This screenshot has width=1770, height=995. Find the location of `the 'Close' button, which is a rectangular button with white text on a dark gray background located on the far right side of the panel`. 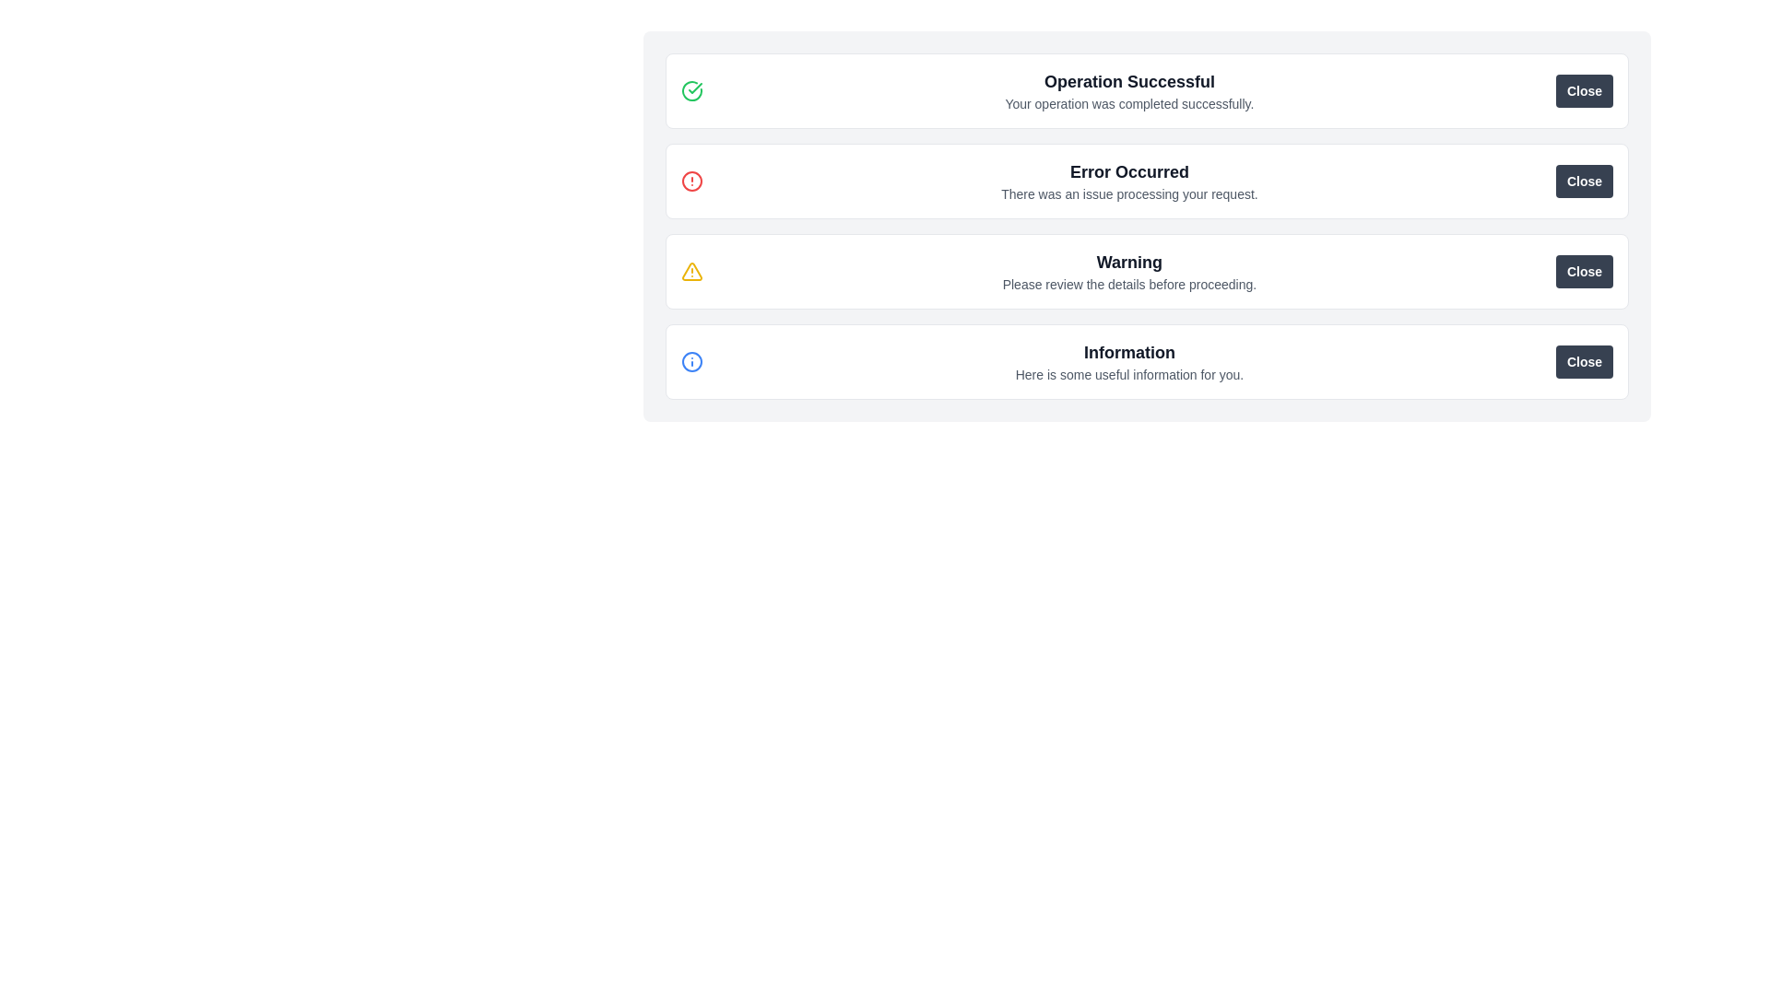

the 'Close' button, which is a rectangular button with white text on a dark gray background located on the far right side of the panel is located at coordinates (1583, 362).